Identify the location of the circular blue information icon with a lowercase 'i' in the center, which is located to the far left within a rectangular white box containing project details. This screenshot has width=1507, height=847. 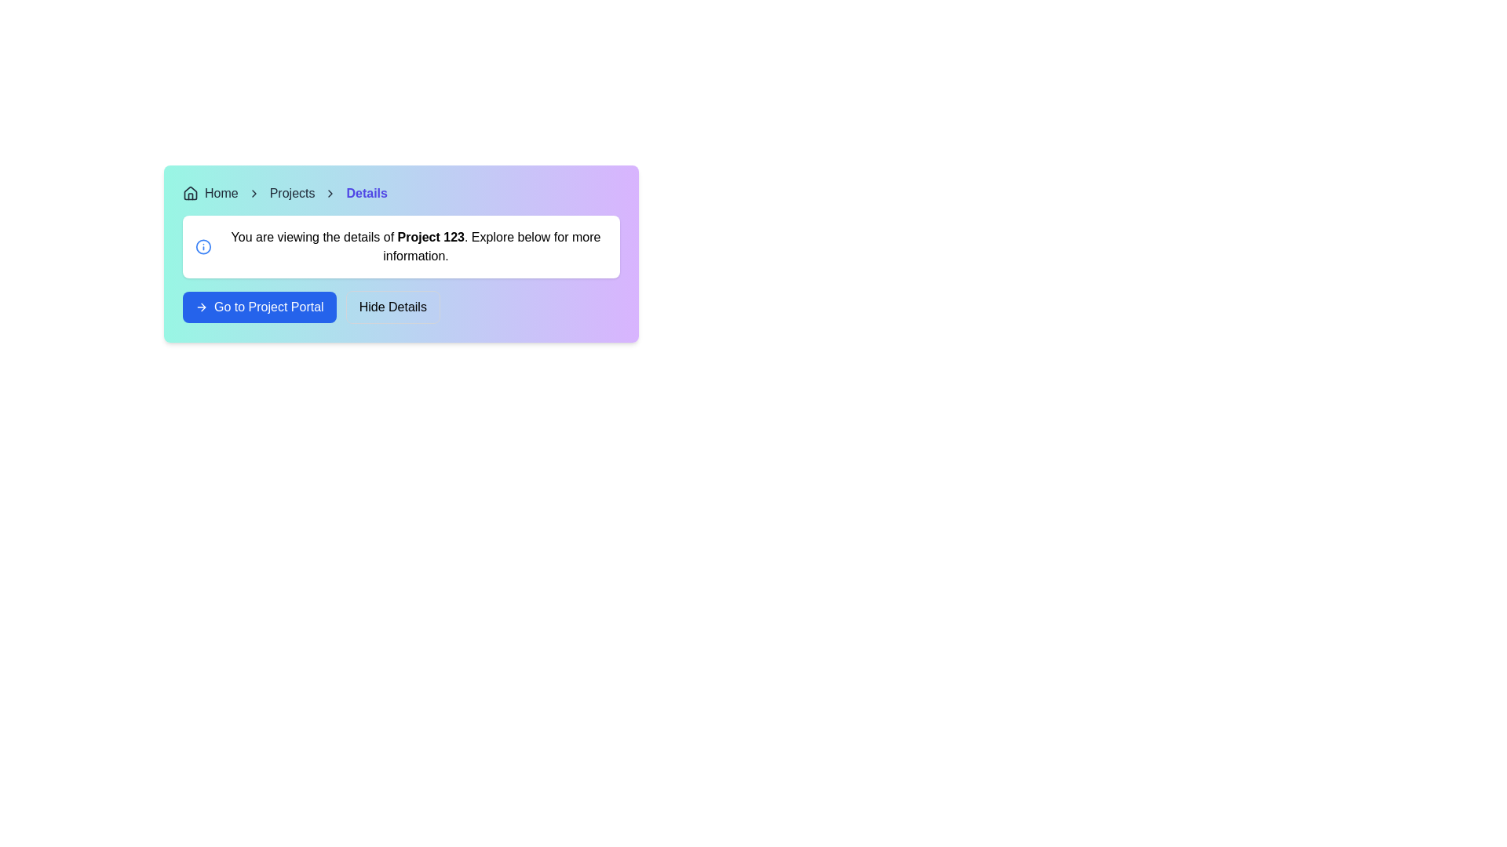
(203, 247).